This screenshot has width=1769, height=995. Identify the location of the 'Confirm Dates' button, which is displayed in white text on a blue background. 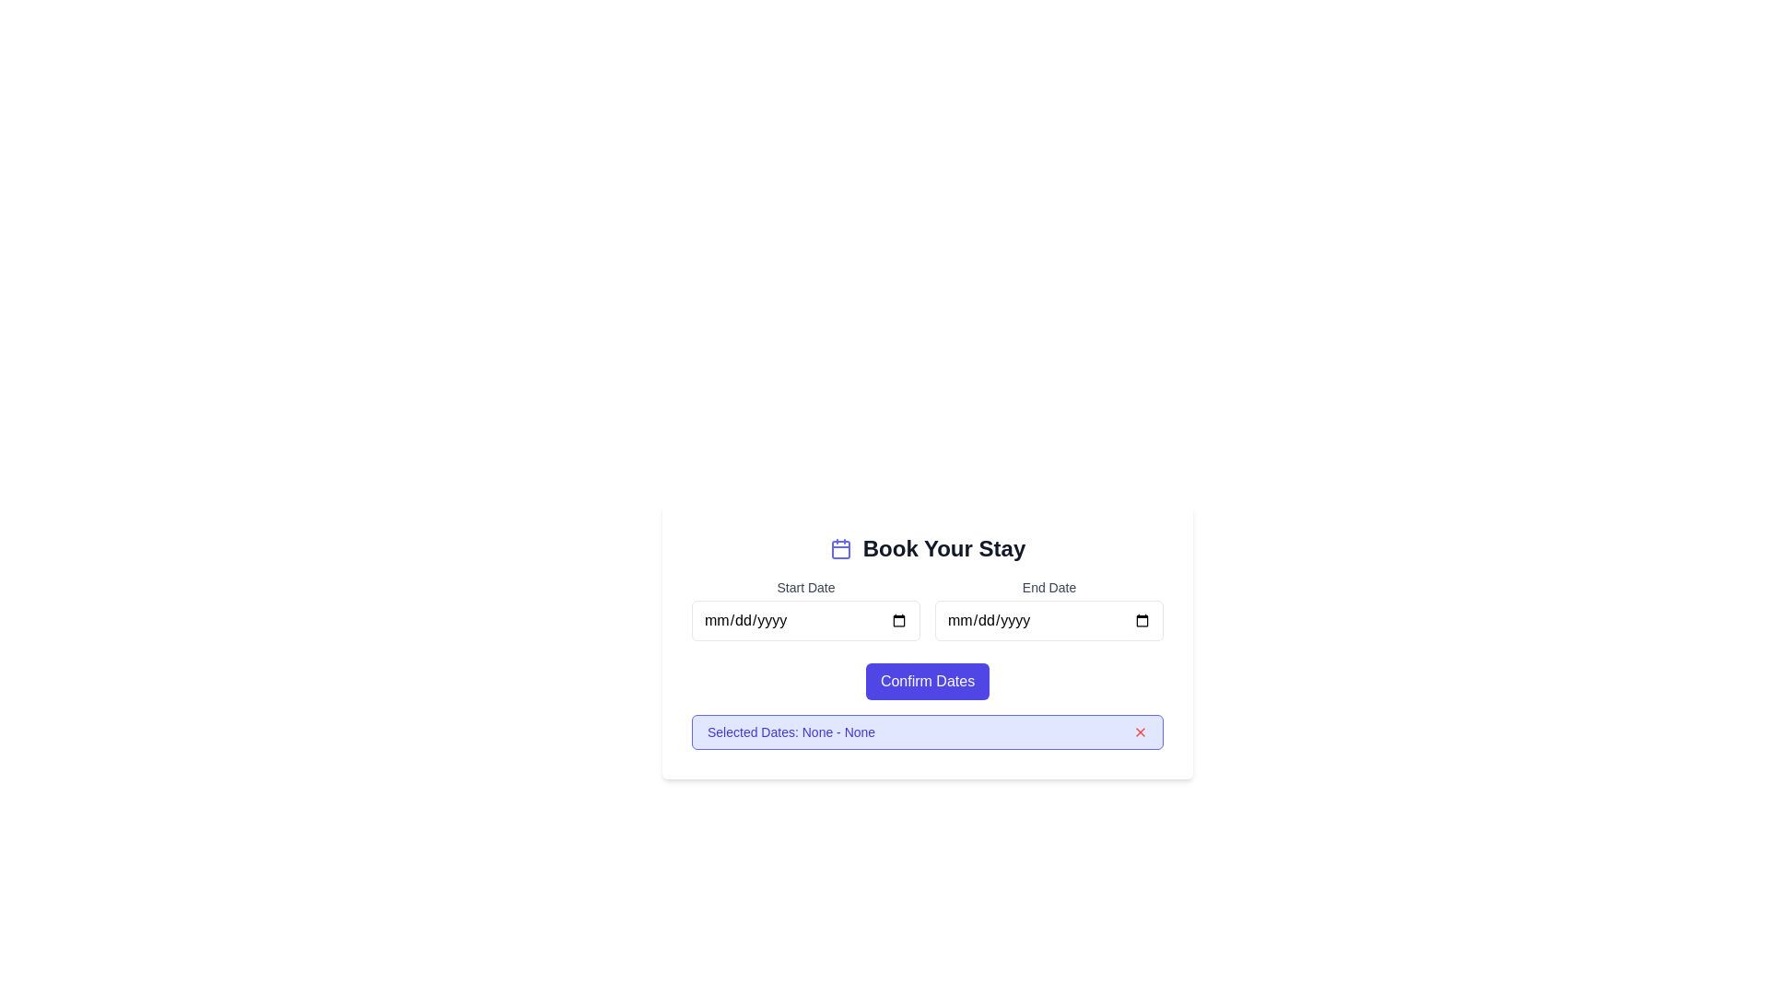
(928, 682).